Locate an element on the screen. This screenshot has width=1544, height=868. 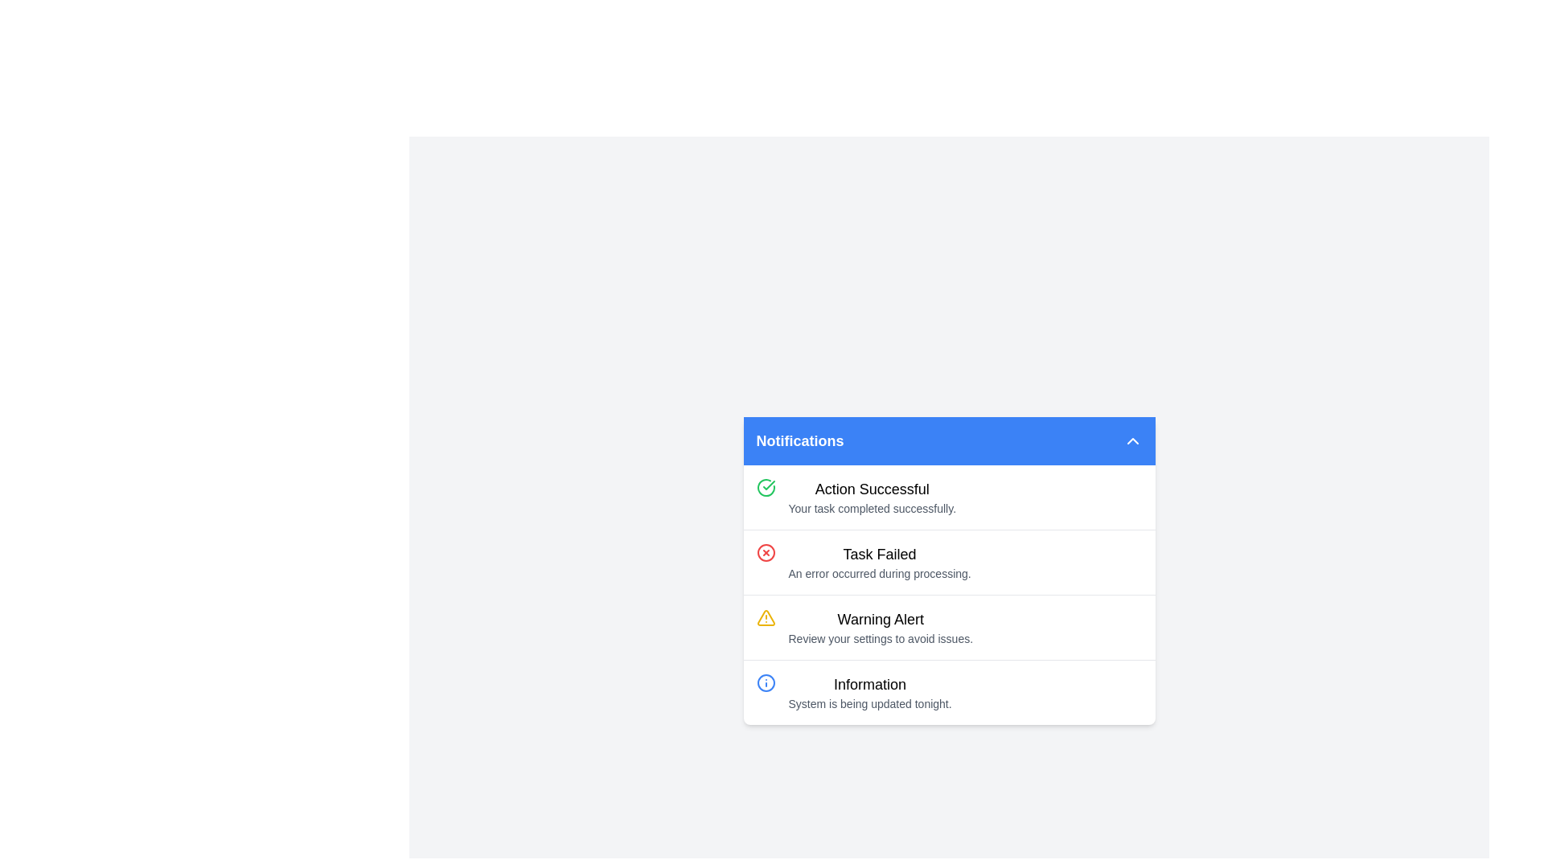
text line 'Your task completed successfully.' which is styled in gray and located below the title 'Action Successful' within a notification card is located at coordinates (871, 508).